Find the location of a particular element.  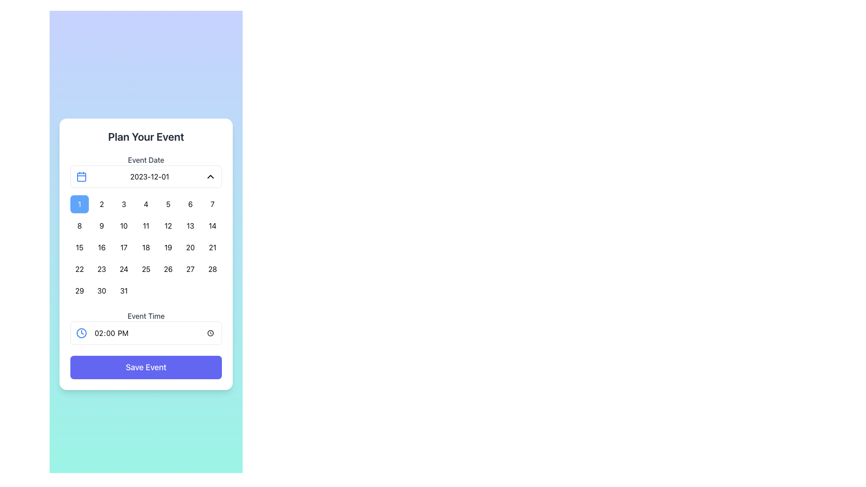

the calendar icon located at the leftmost side of the date input field displaying '2023-12-01' is located at coordinates (82, 177).